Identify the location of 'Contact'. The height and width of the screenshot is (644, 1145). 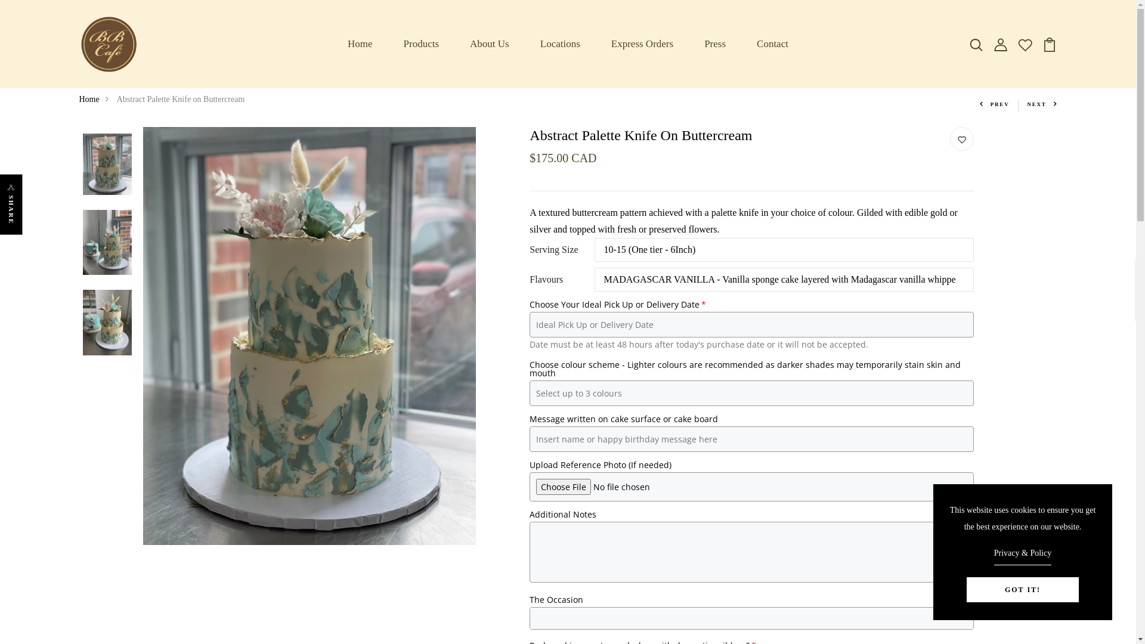
(751, 43).